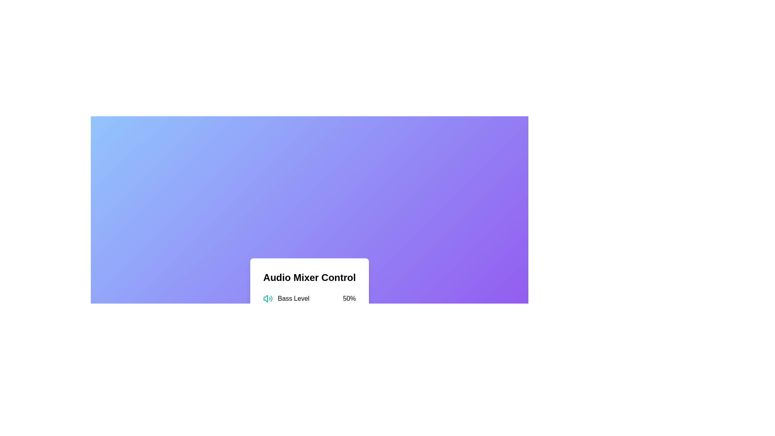 The height and width of the screenshot is (436, 775). What do you see at coordinates (289, 308) in the screenshot?
I see `the Bass Level slider to 28%` at bounding box center [289, 308].